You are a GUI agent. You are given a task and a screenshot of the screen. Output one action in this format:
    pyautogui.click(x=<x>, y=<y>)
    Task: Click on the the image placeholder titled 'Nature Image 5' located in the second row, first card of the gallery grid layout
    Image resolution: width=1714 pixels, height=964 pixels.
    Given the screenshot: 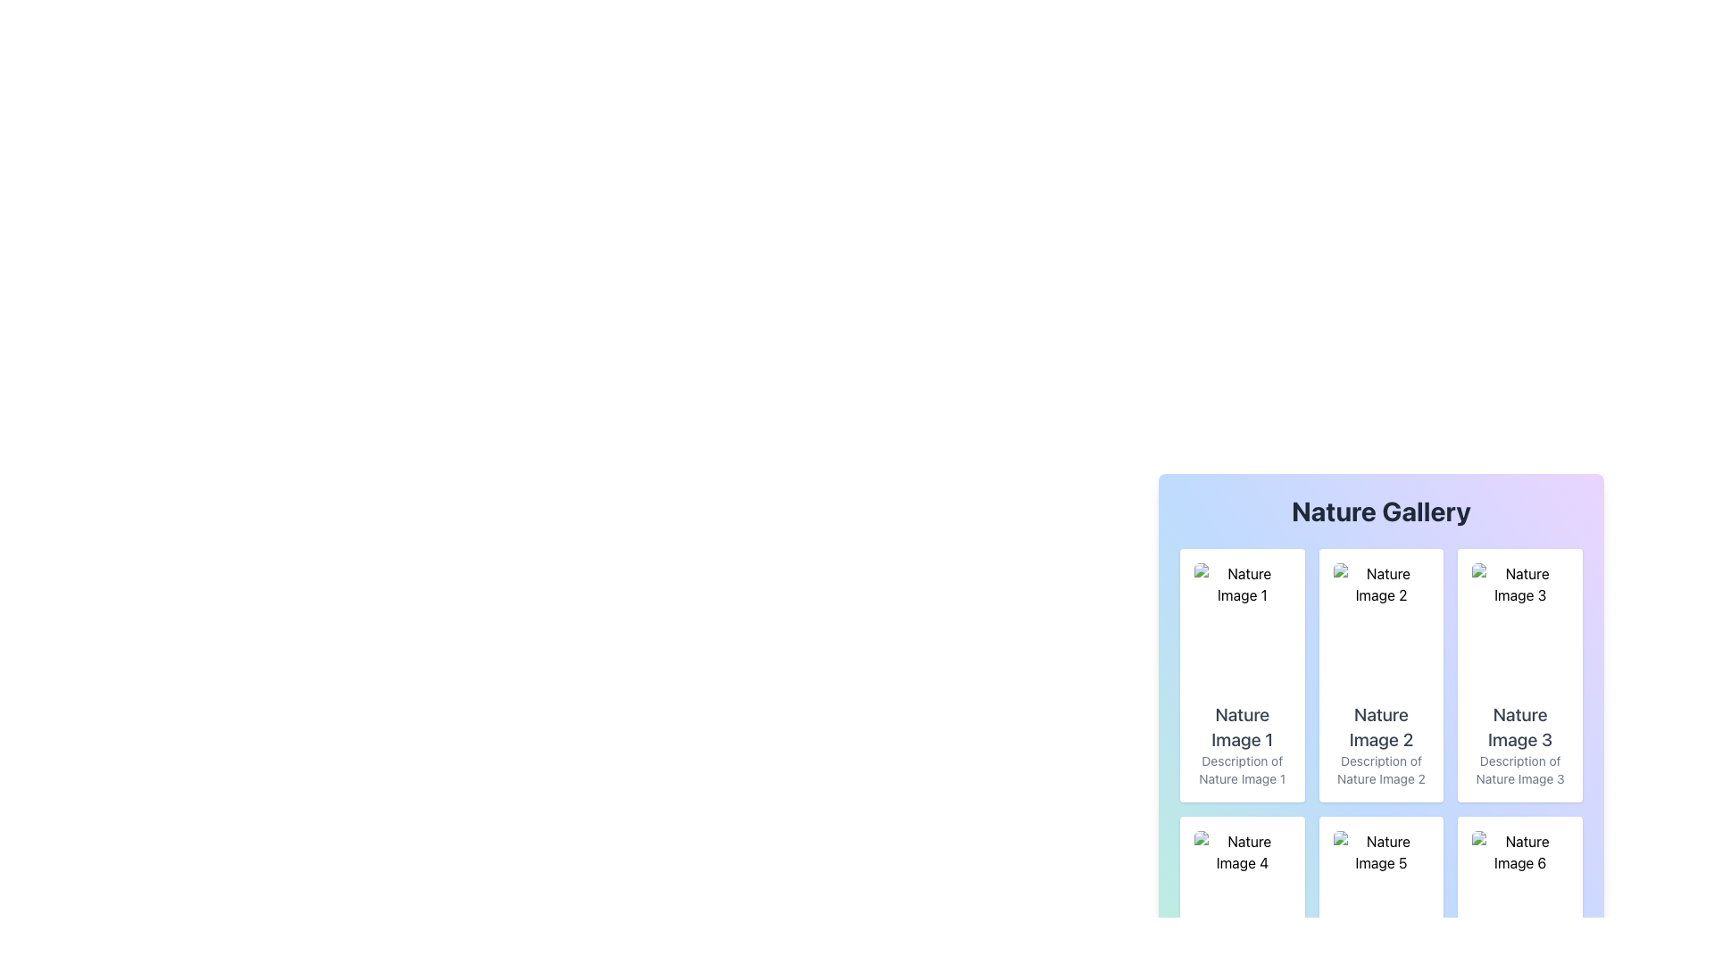 What is the action you would take?
    pyautogui.click(x=1380, y=894)
    